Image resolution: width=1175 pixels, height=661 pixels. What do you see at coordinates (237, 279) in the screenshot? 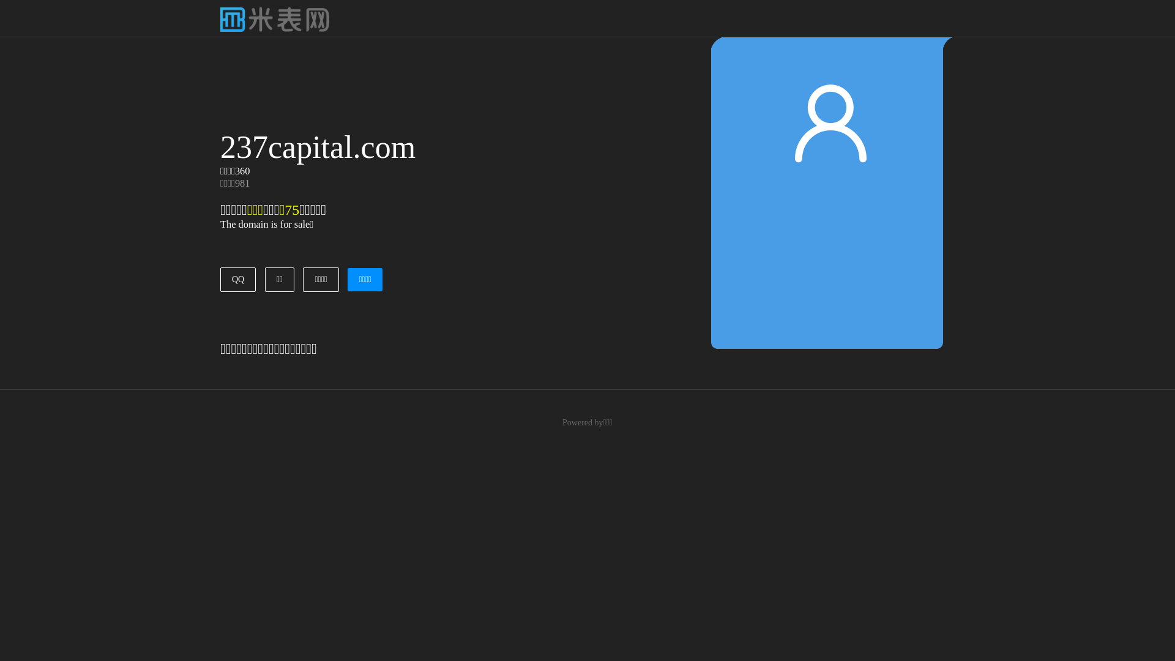
I see `'QQ'` at bounding box center [237, 279].